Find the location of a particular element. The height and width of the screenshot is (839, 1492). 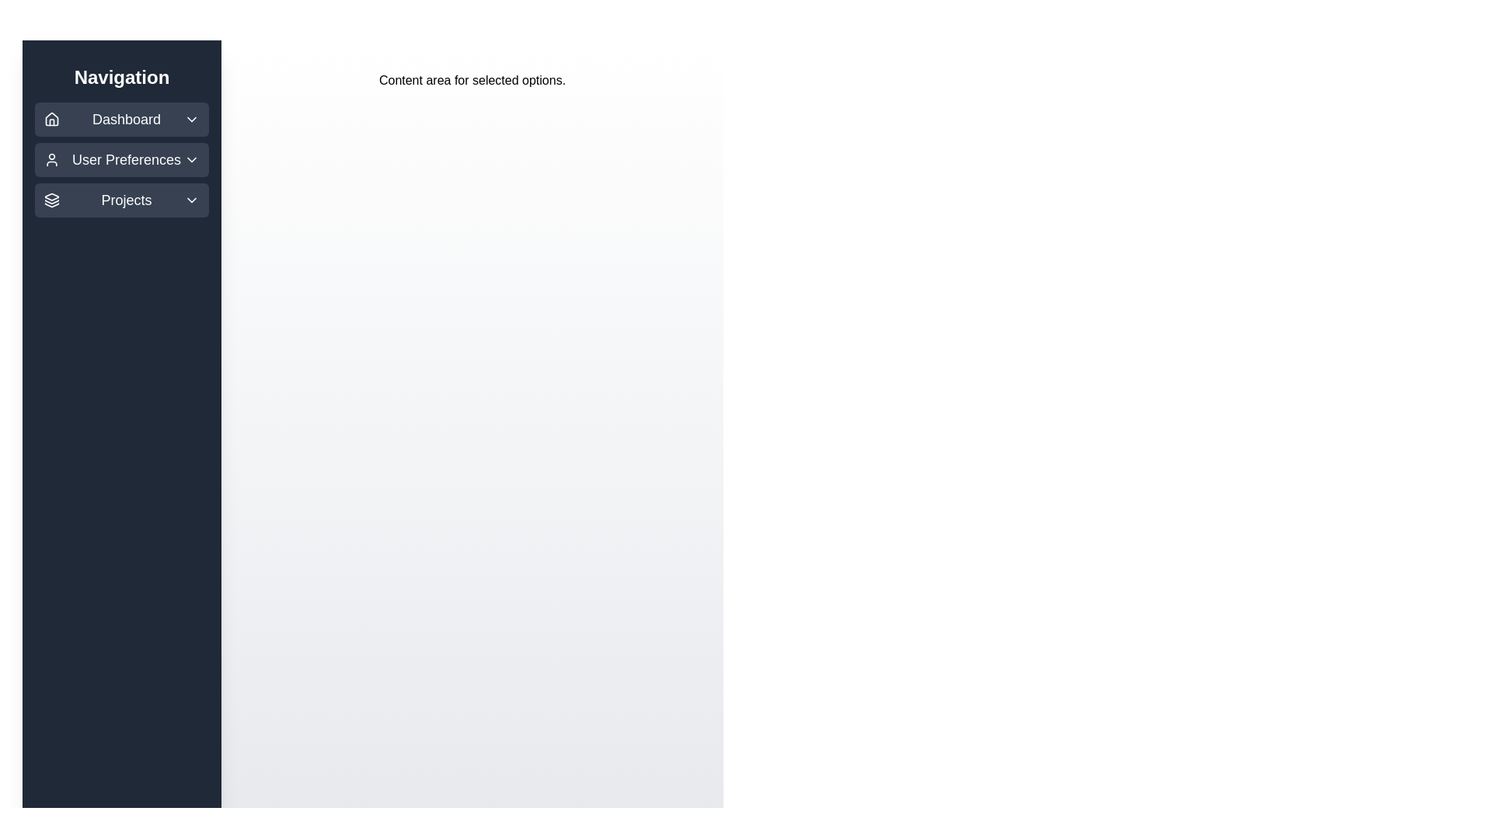

the downward-facing gray chevron icon that indicates an expandable menu within the 'User Preferences' button is located at coordinates (190, 159).